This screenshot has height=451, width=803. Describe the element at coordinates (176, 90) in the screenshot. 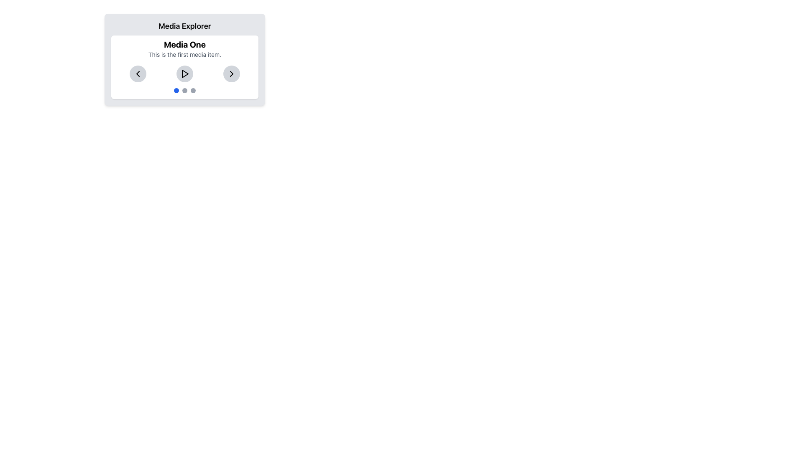

I see `the first interactive indicator dot, which is a circular dot with a blue background located below the media player section` at that location.